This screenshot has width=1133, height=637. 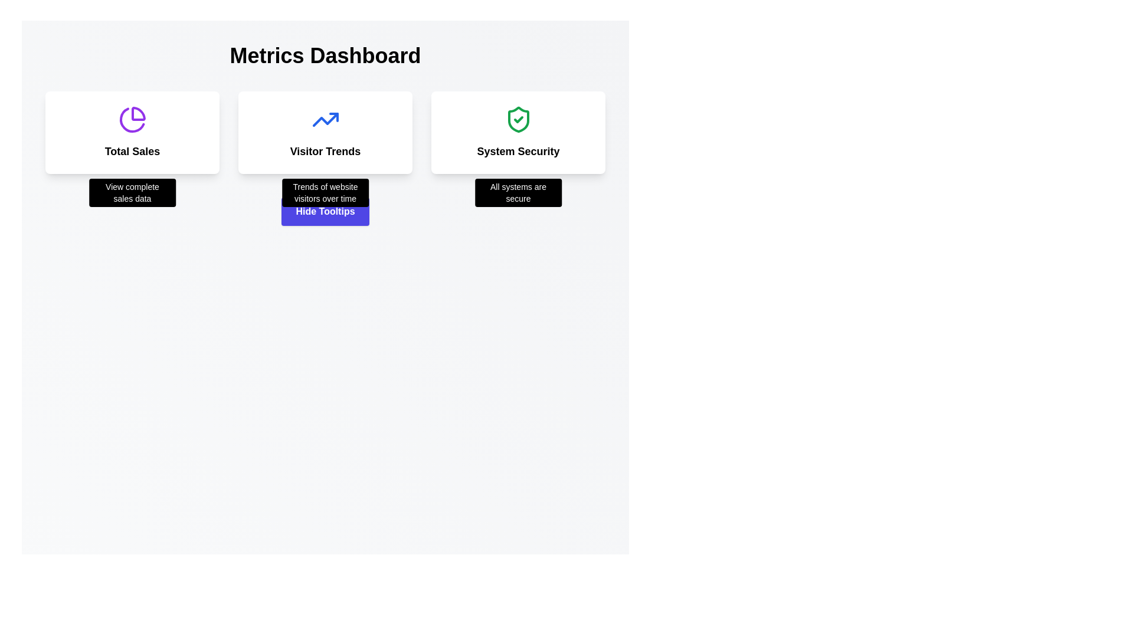 What do you see at coordinates (132, 120) in the screenshot?
I see `the 'Total Sales' icon located in the first card from the left, which represents data insights or metrics, and is centrally aligned above the text 'Total Sales'` at bounding box center [132, 120].